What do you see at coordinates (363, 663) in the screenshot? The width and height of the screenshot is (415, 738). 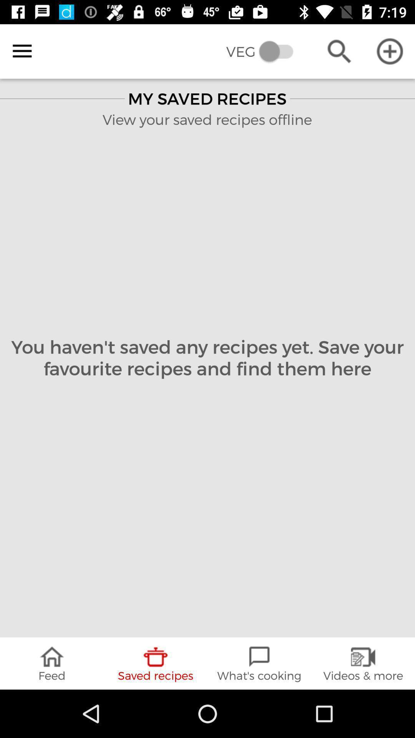 I see `videos & more at the bottom right corner` at bounding box center [363, 663].